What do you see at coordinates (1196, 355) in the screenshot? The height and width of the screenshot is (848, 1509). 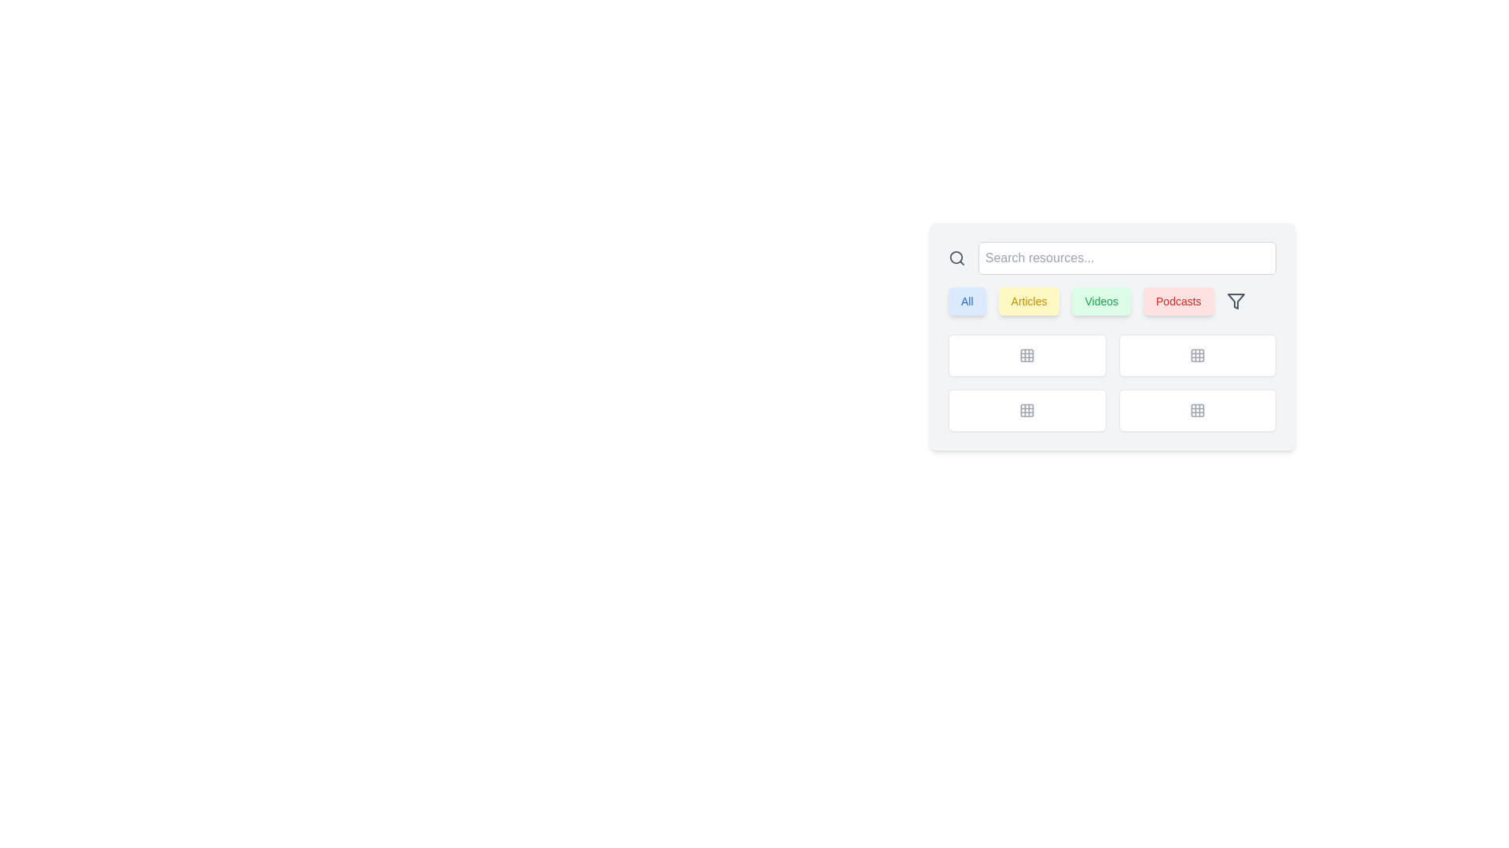 I see `the top-left square of the grid icon, which is part of a control or navigation panel, positioned to the right of large labeled buttons` at bounding box center [1196, 355].